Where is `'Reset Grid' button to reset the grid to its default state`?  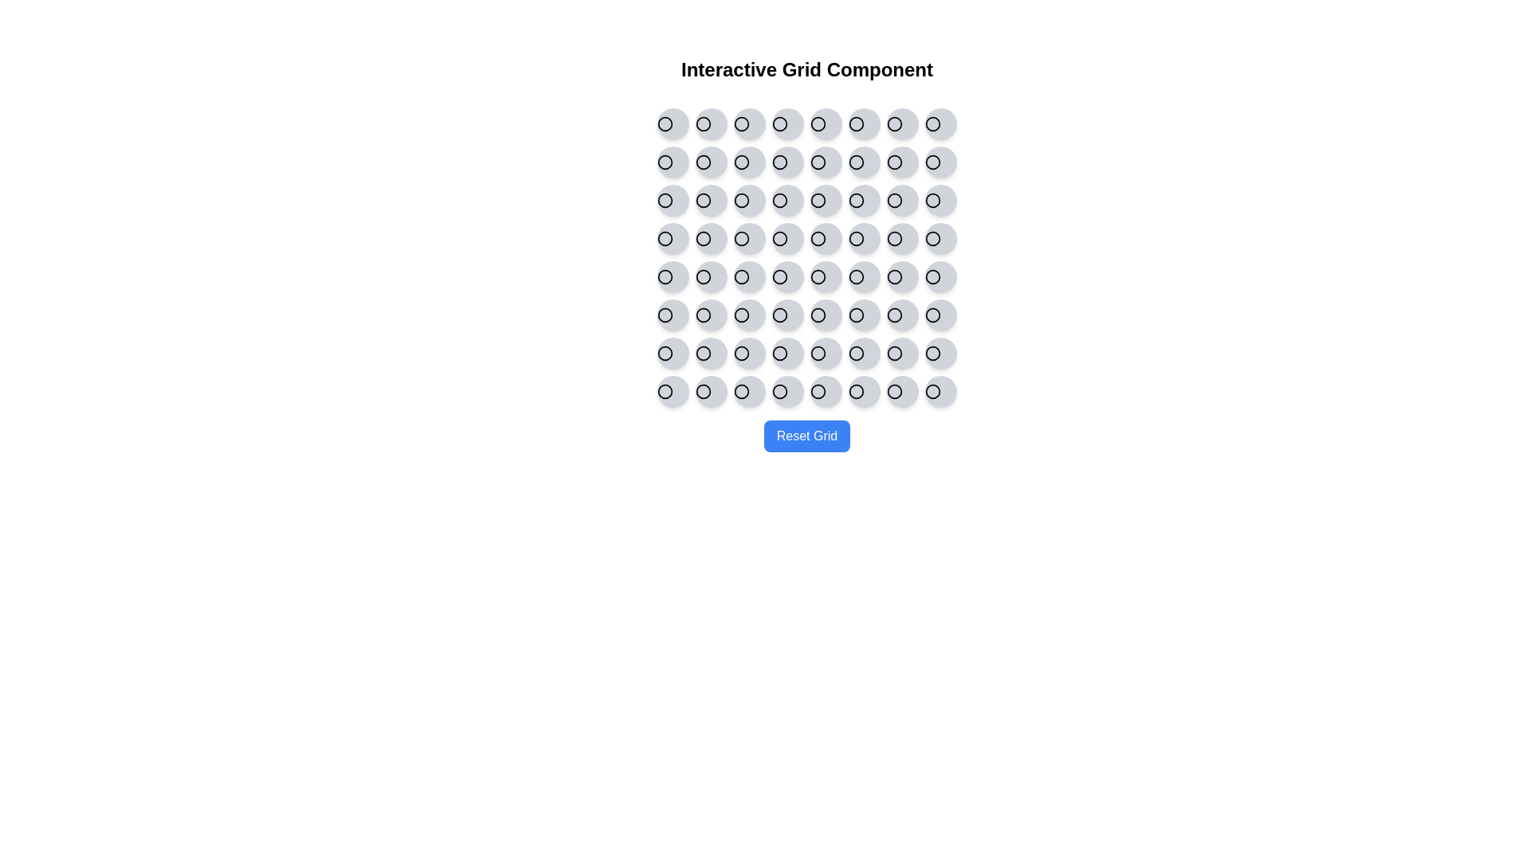 'Reset Grid' button to reset the grid to its default state is located at coordinates (806, 436).